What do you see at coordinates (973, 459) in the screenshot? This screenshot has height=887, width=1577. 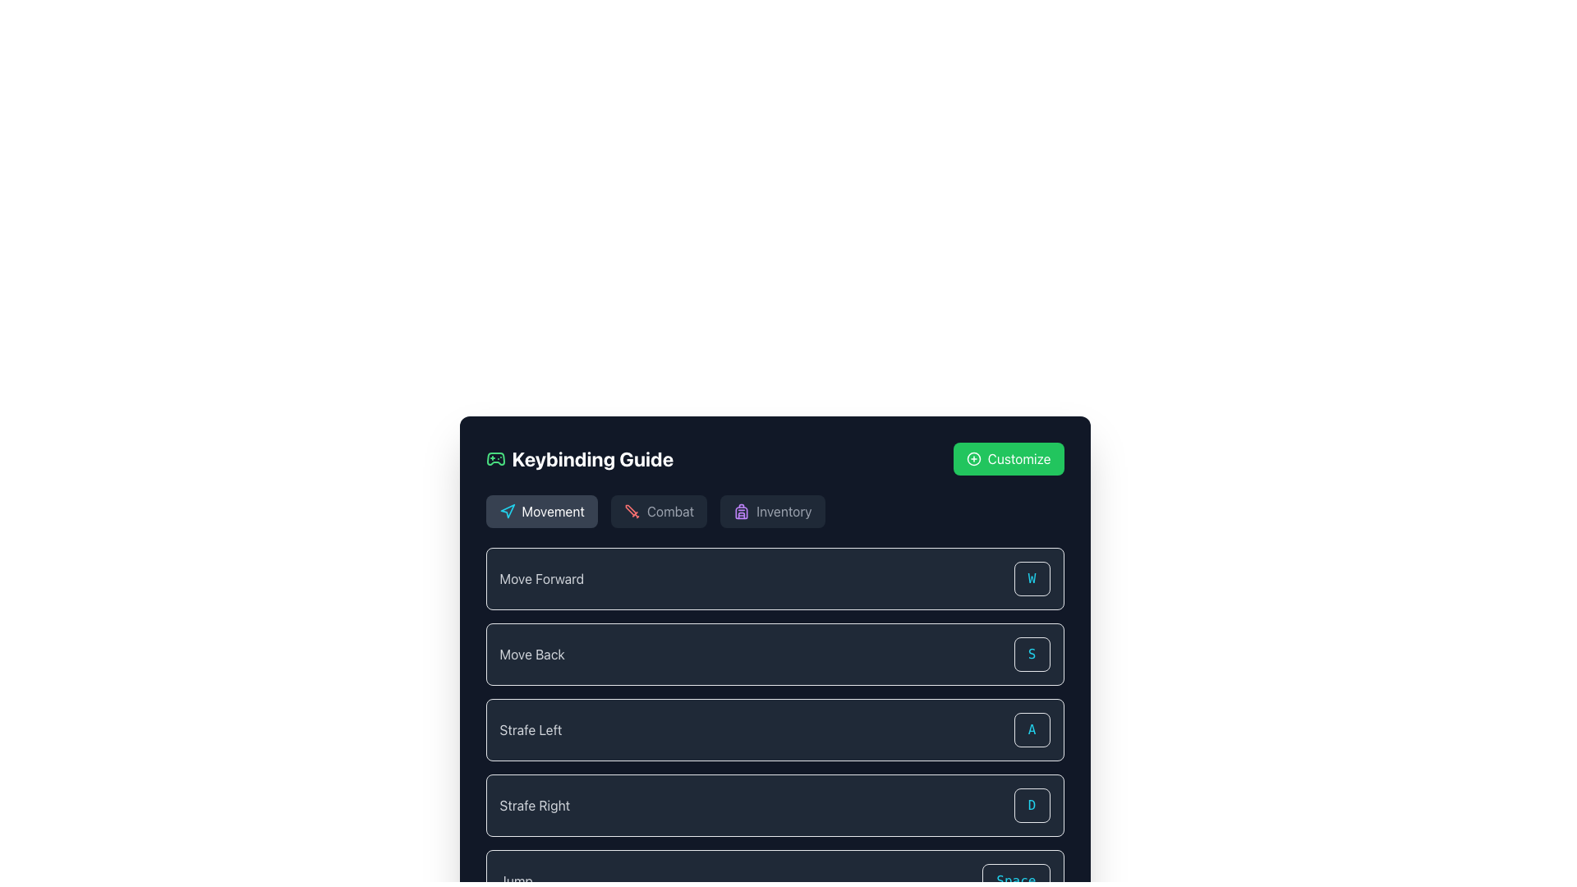 I see `the decorative circular icon element that represents a 'plus' or 'add' functionality, located inside the highlighted 'Customize' button at the top right corner of the interface` at bounding box center [973, 459].